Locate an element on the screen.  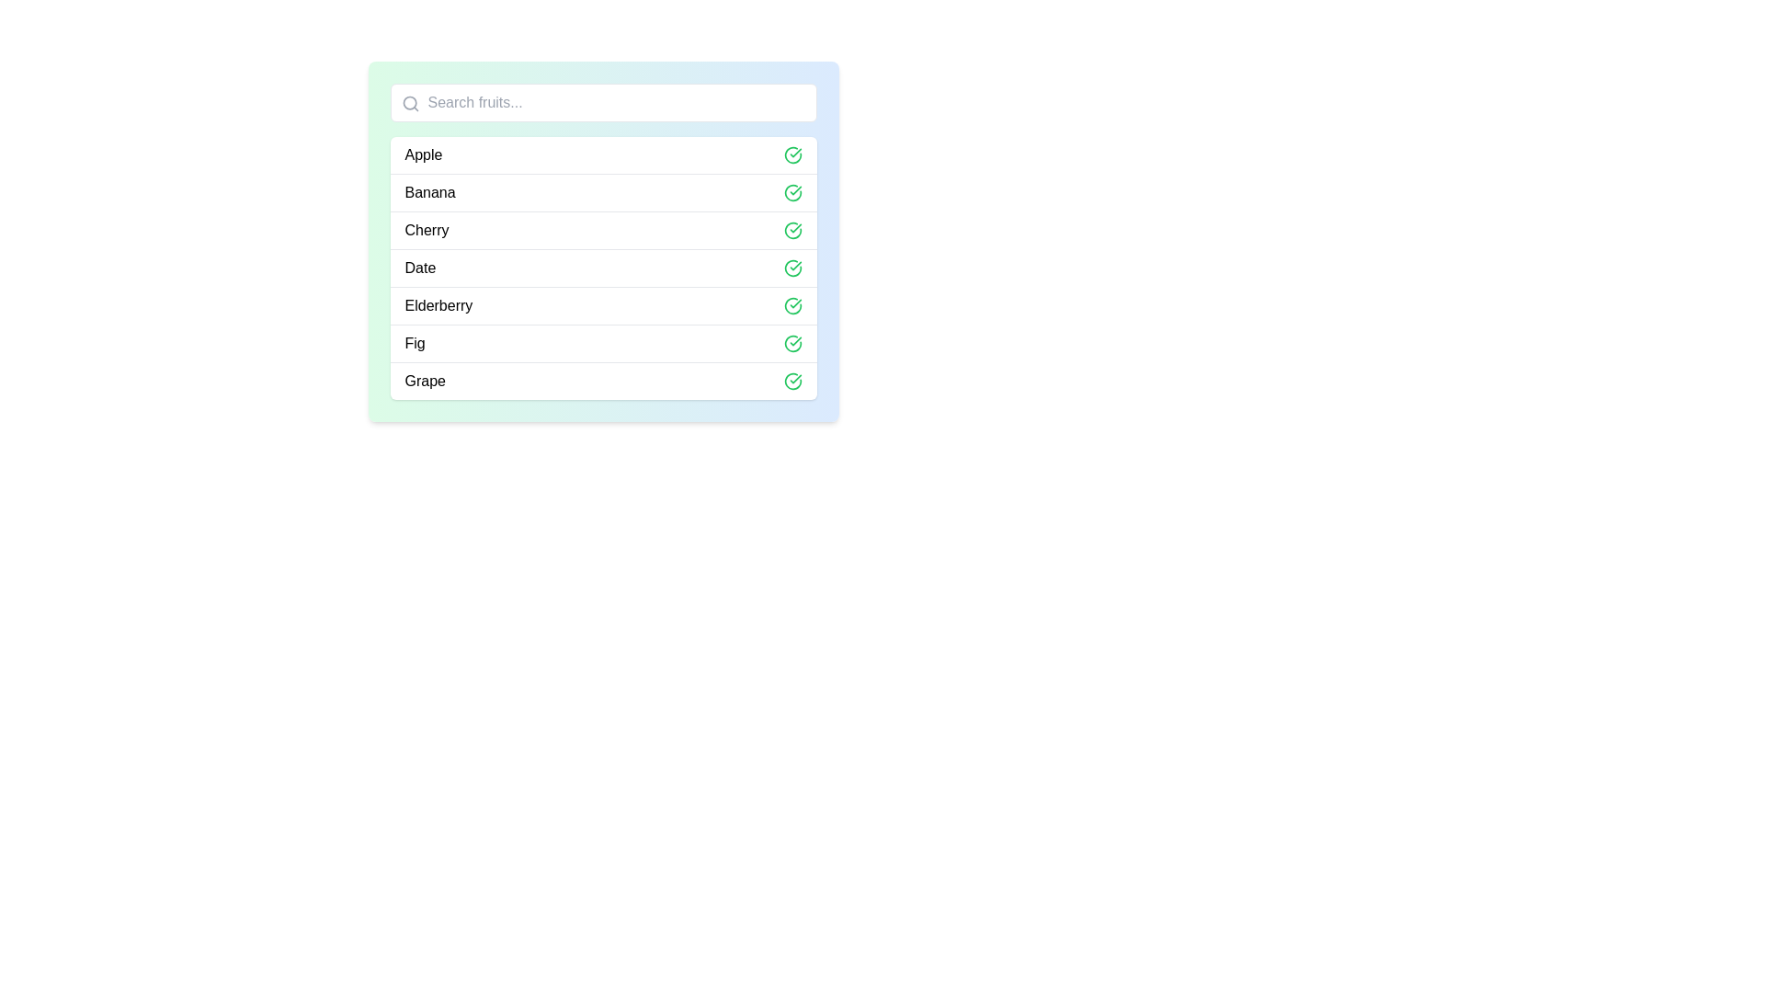
the fourth fruit row in the structured list, which is a selectable row containing a fruit name, specifically positioned below the search bar and above 'Elderberry' is located at coordinates (603, 268).